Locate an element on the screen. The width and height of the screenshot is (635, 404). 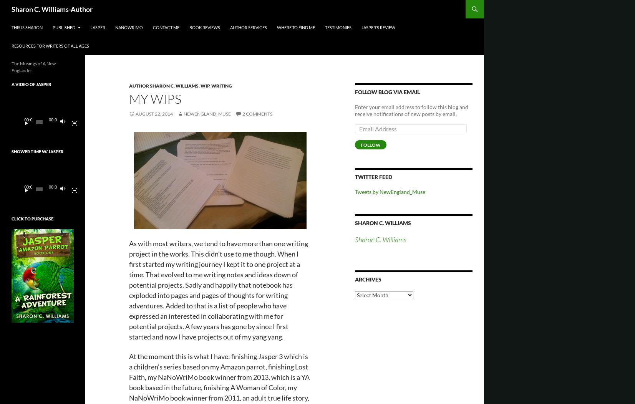
'Click to purchase' is located at coordinates (32, 219).